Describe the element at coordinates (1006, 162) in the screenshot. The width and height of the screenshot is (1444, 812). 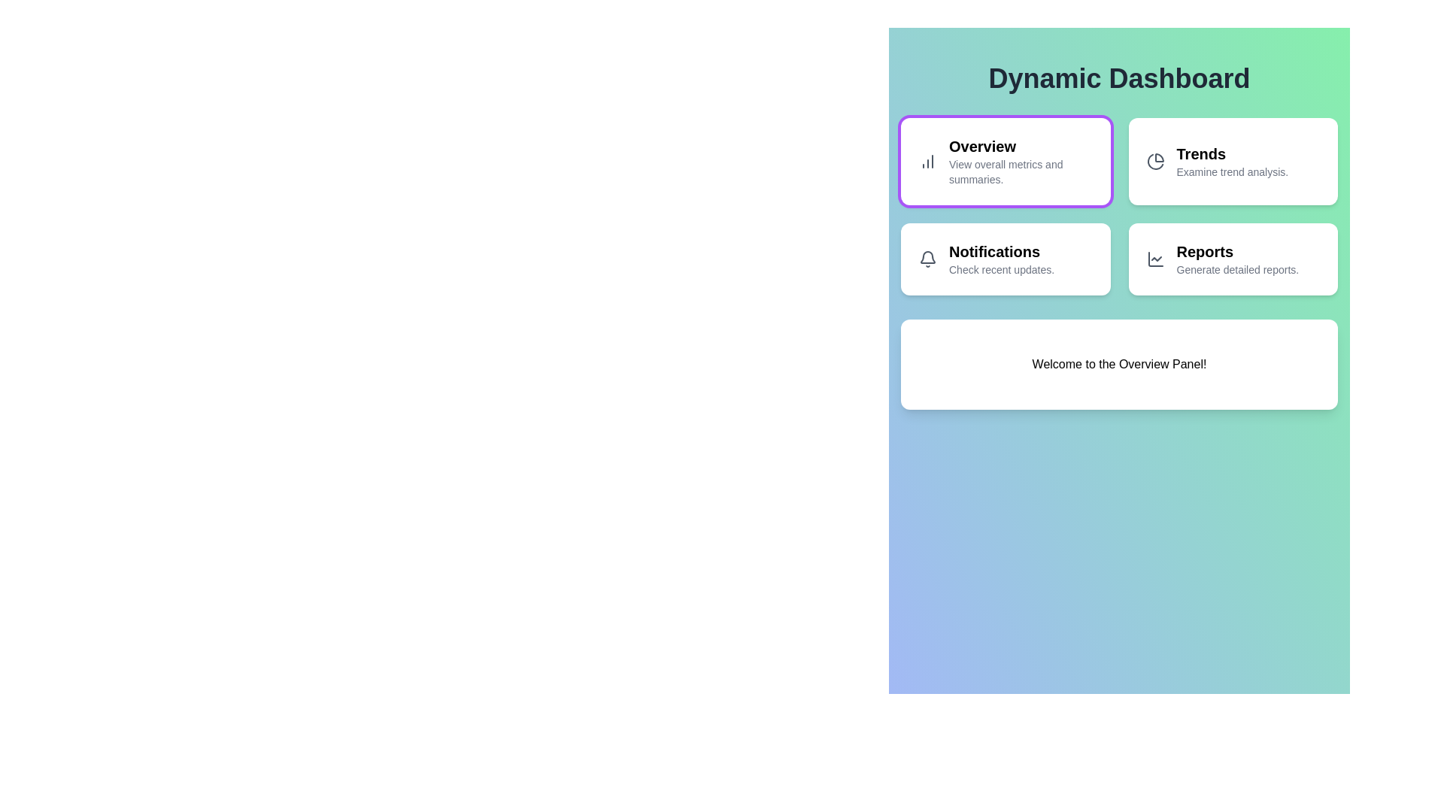
I see `the button labeled Overview to observe its dynamic visual style` at that location.